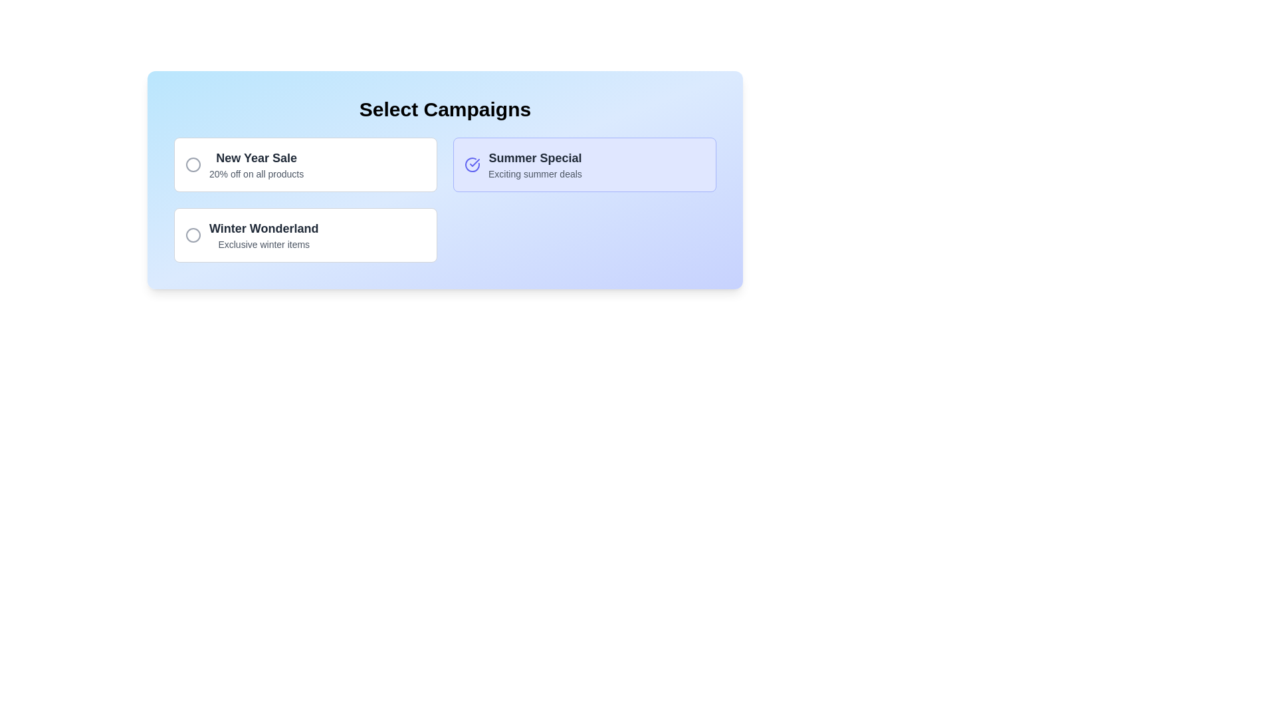 The image size is (1276, 718). I want to click on the circular SVG element located within the icon to the left of the text 'Winter Wonderland' in the second campaign option, so click(193, 235).